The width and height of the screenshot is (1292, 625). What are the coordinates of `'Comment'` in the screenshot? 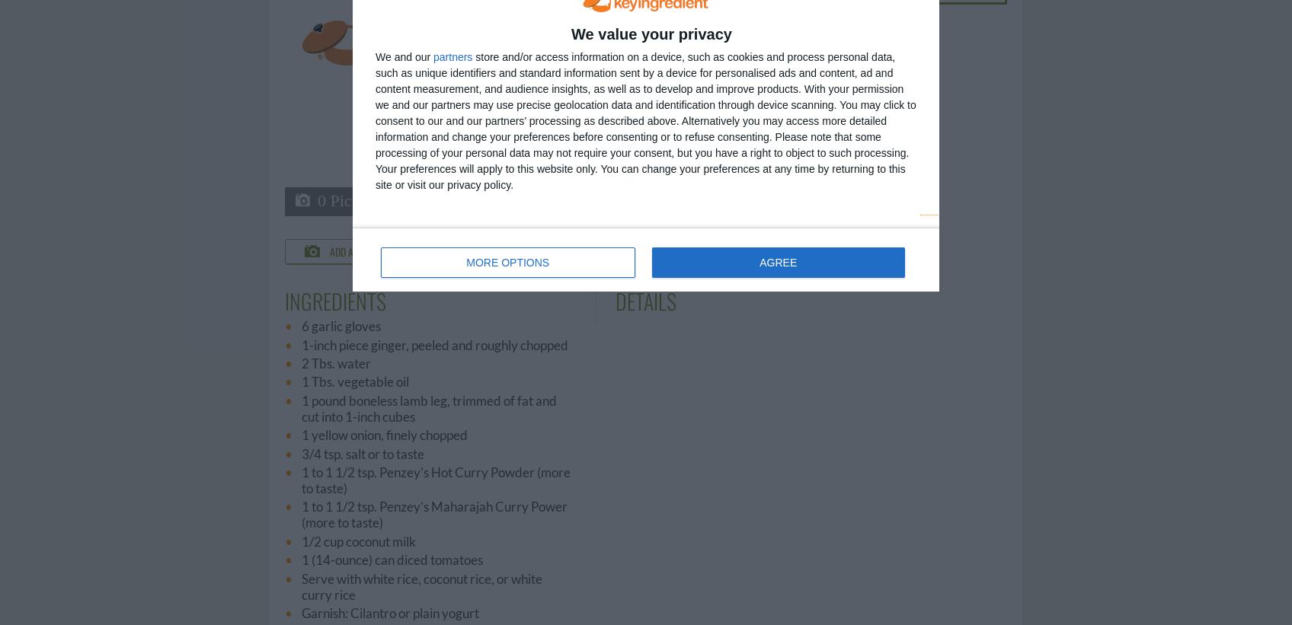 It's located at (460, 250).